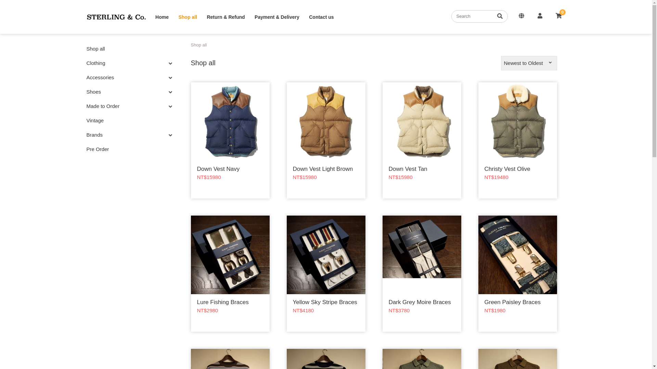 This screenshot has width=657, height=369. What do you see at coordinates (226, 17) in the screenshot?
I see `'Return & Refund'` at bounding box center [226, 17].